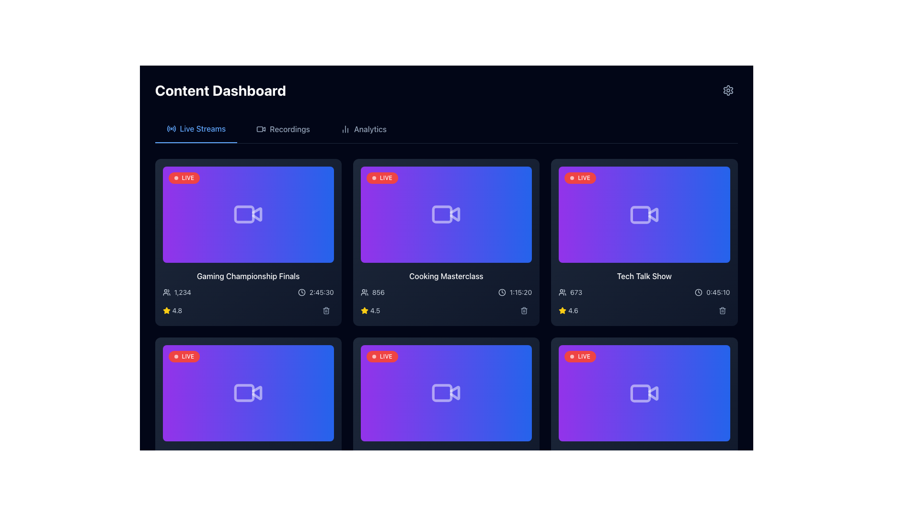  What do you see at coordinates (317, 246) in the screenshot?
I see `the button located at the bottom-right corner of the 'Gaming Championship Finals' card` at bounding box center [317, 246].